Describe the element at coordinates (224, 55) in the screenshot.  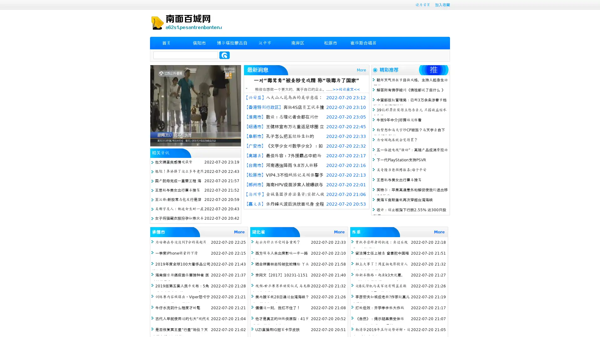
I see `Search` at that location.